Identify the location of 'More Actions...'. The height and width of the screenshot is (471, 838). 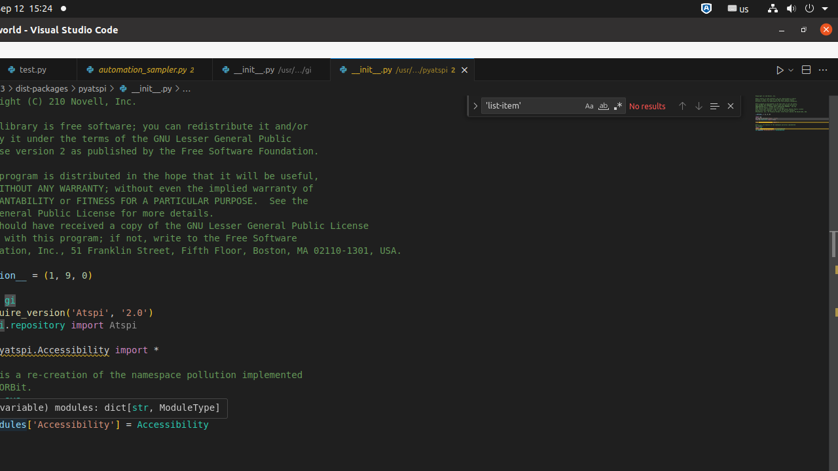
(822, 69).